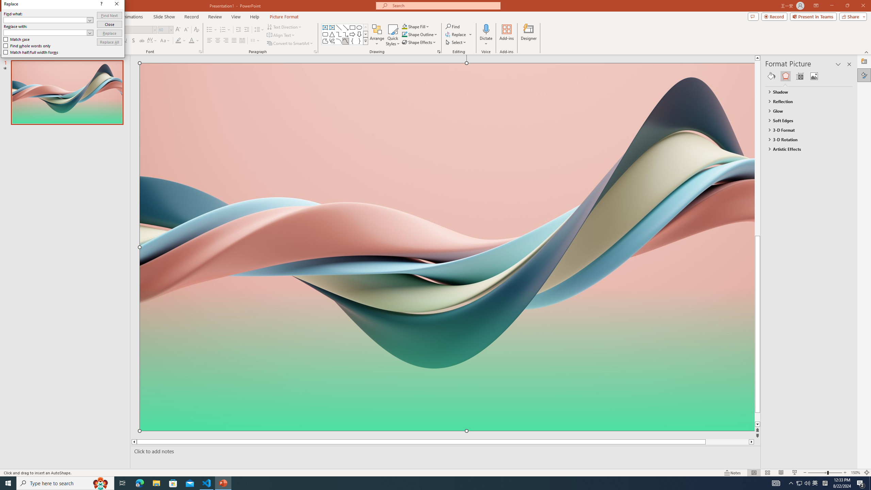 Image resolution: width=871 pixels, height=490 pixels. I want to click on 'Replace with', so click(48, 32).